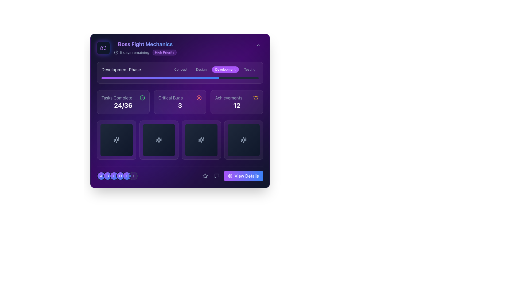  What do you see at coordinates (217, 176) in the screenshot?
I see `the messaging icon located towards the bottom-right area of the interface, adjacent to the star icon and to the left of the 'View Details' button` at bounding box center [217, 176].